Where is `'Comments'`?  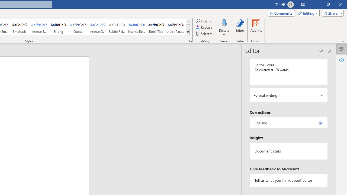 'Comments' is located at coordinates (281, 13).